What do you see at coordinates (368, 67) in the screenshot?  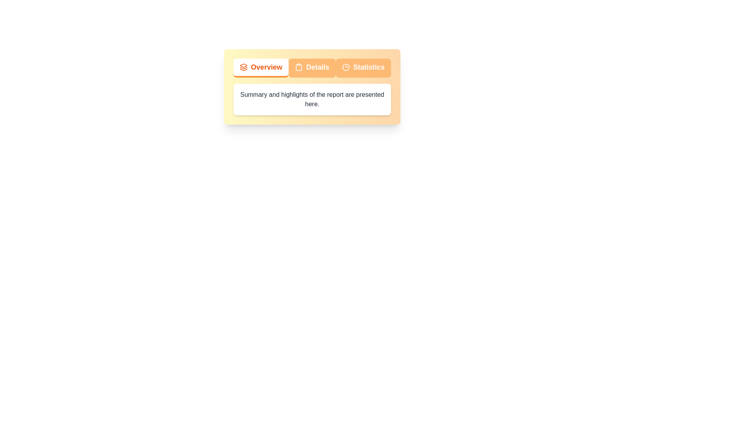 I see `the 'Statistics' tab in the navigation menu` at bounding box center [368, 67].